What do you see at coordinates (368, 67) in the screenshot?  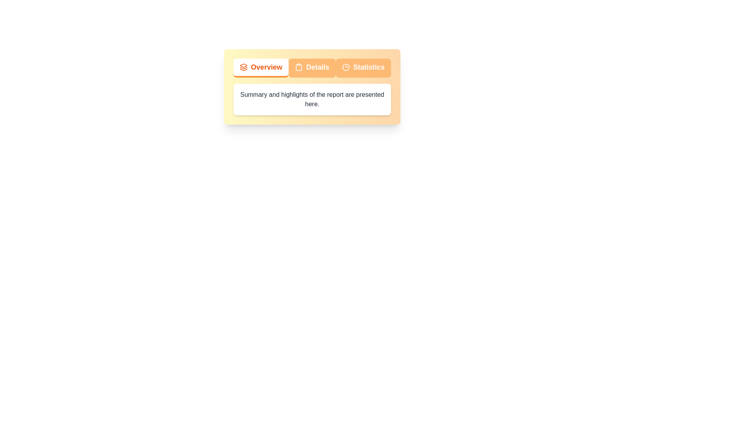 I see `the 'Statistics' tab in the navigation menu` at bounding box center [368, 67].